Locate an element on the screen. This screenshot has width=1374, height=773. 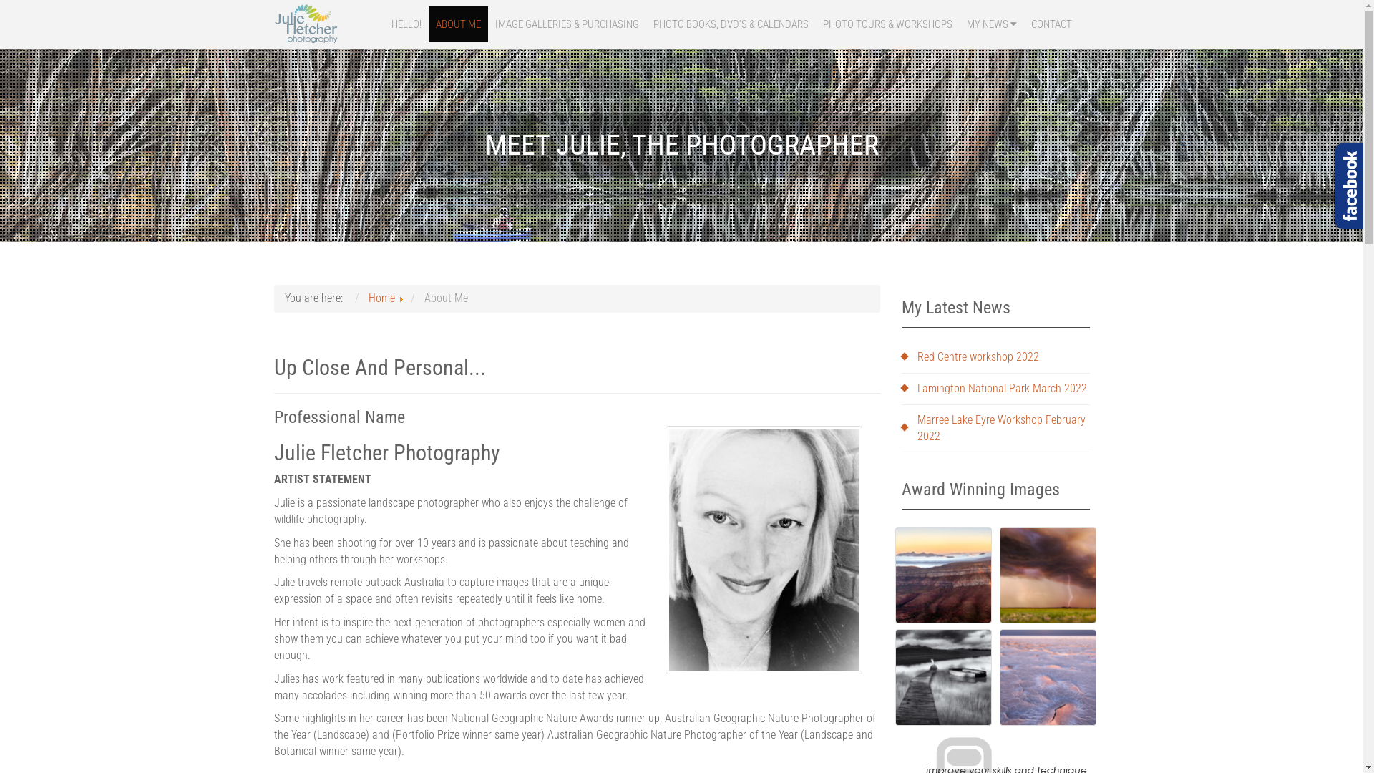
'Marree Lake Eyre Workshop February 2022' is located at coordinates (995, 427).